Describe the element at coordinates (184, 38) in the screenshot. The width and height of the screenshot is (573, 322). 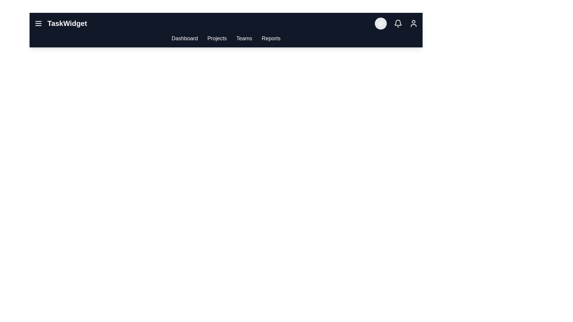
I see `the 'Dashboard' link to navigate to the Dashboard section` at that location.